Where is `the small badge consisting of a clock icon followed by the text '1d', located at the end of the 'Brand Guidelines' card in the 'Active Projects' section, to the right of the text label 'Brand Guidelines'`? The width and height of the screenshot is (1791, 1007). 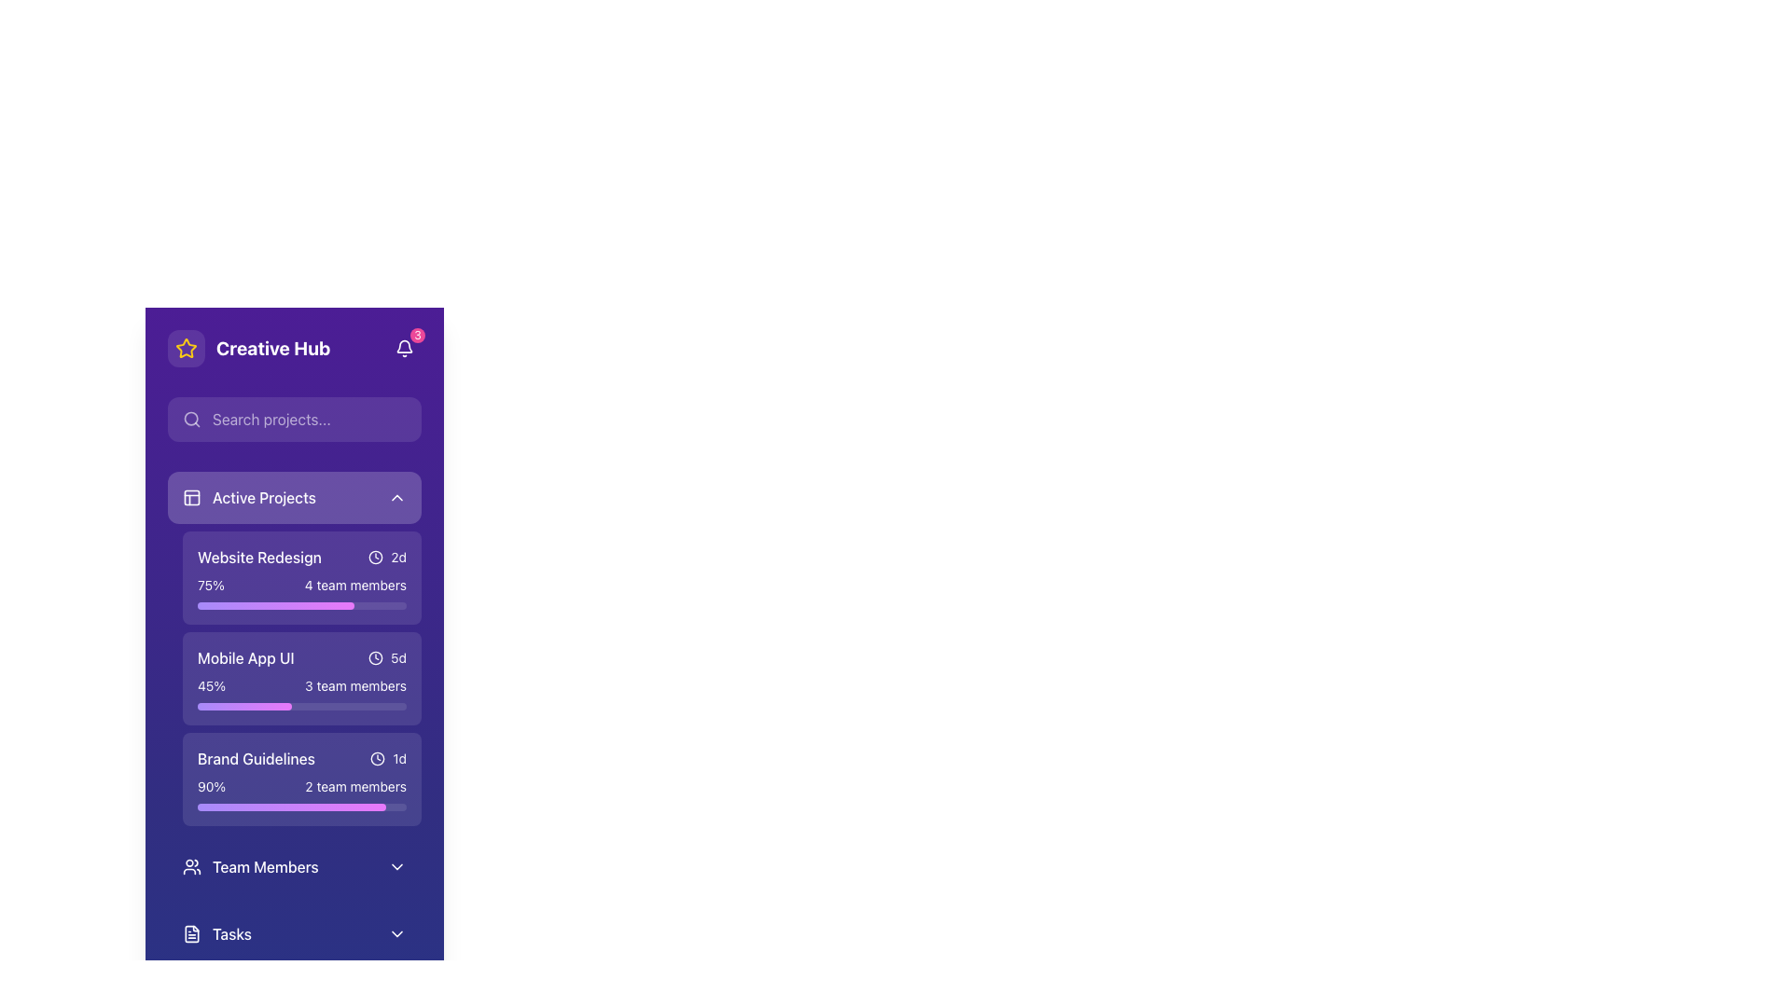 the small badge consisting of a clock icon followed by the text '1d', located at the end of the 'Brand Guidelines' card in the 'Active Projects' section, to the right of the text label 'Brand Guidelines' is located at coordinates (387, 758).